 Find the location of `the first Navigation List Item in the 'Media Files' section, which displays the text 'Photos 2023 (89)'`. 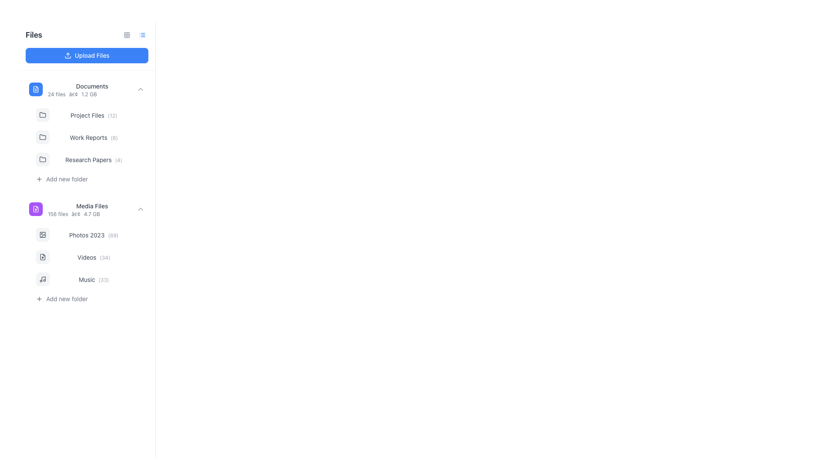

the first Navigation List Item in the 'Media Files' section, which displays the text 'Photos 2023 (89)' is located at coordinates (90, 234).